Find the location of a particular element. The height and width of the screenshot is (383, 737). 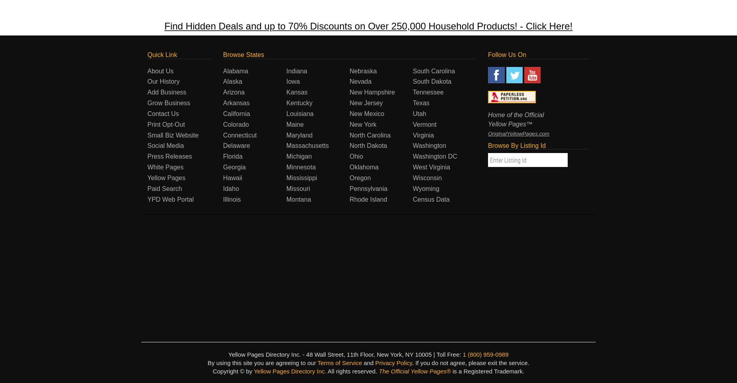

'Yellow Pages Directory Inc. - 48 Wall Street, 11th Floor, New York, NY 10005 |  Toll Free:' is located at coordinates (345, 354).